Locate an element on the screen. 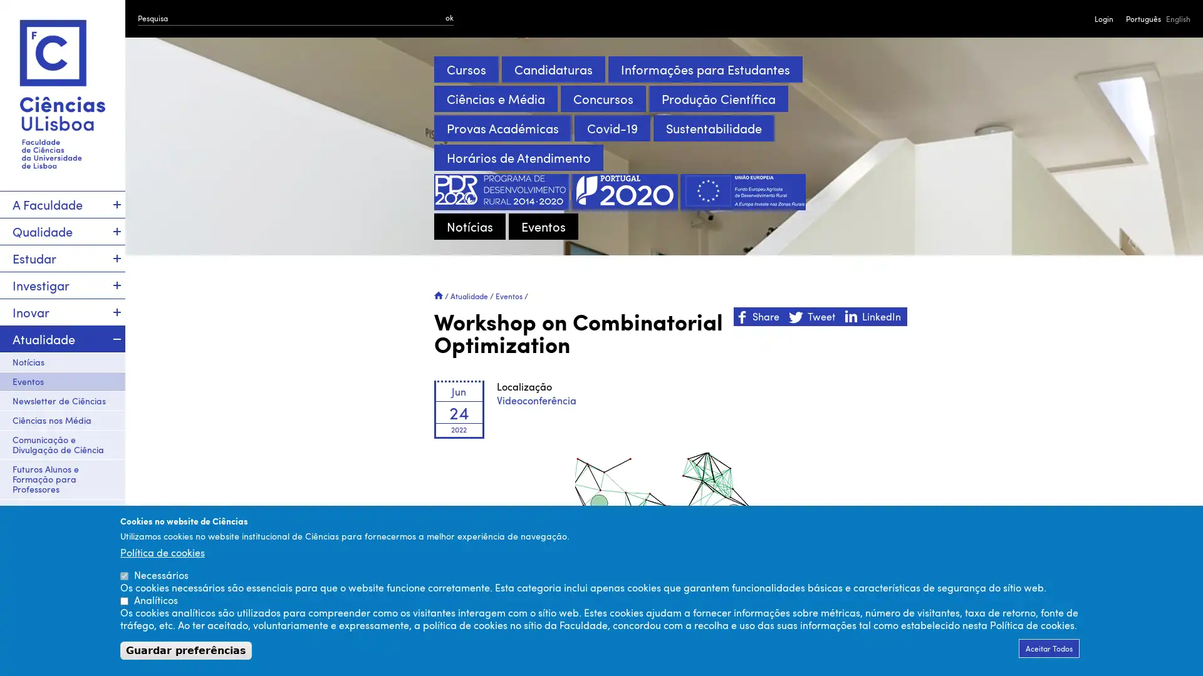 Image resolution: width=1203 pixels, height=676 pixels. Politica de cookies is located at coordinates (162, 551).